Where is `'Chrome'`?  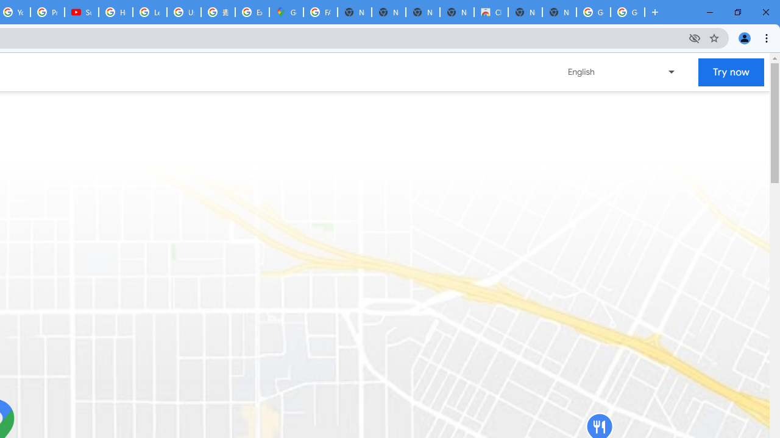 'Chrome' is located at coordinates (767, 37).